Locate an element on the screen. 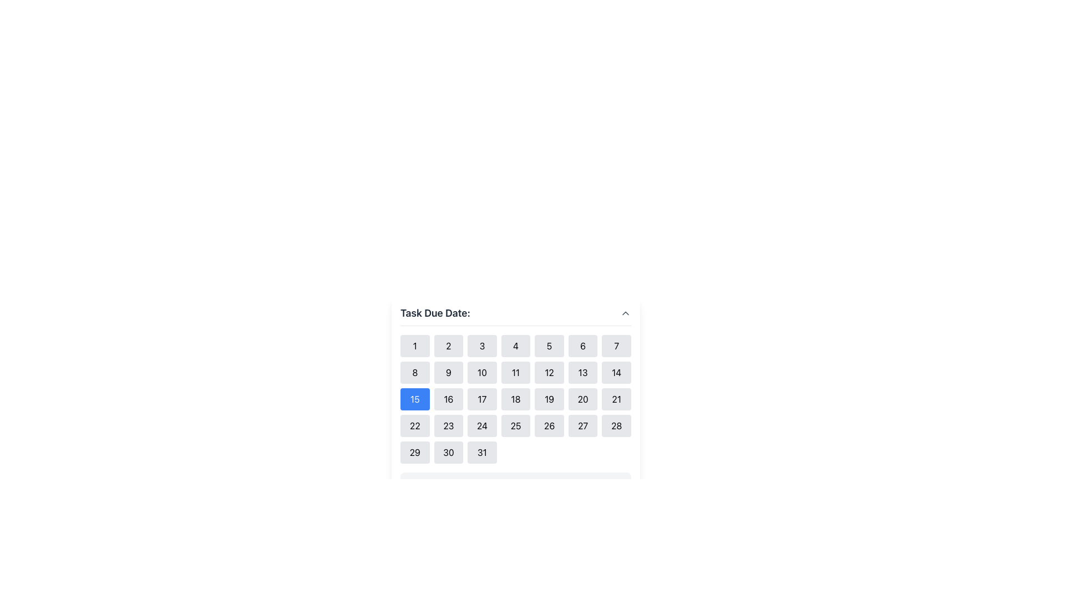 The image size is (1065, 599). the selectable date button representing the 28th day in the calendar interface is located at coordinates (616, 425).